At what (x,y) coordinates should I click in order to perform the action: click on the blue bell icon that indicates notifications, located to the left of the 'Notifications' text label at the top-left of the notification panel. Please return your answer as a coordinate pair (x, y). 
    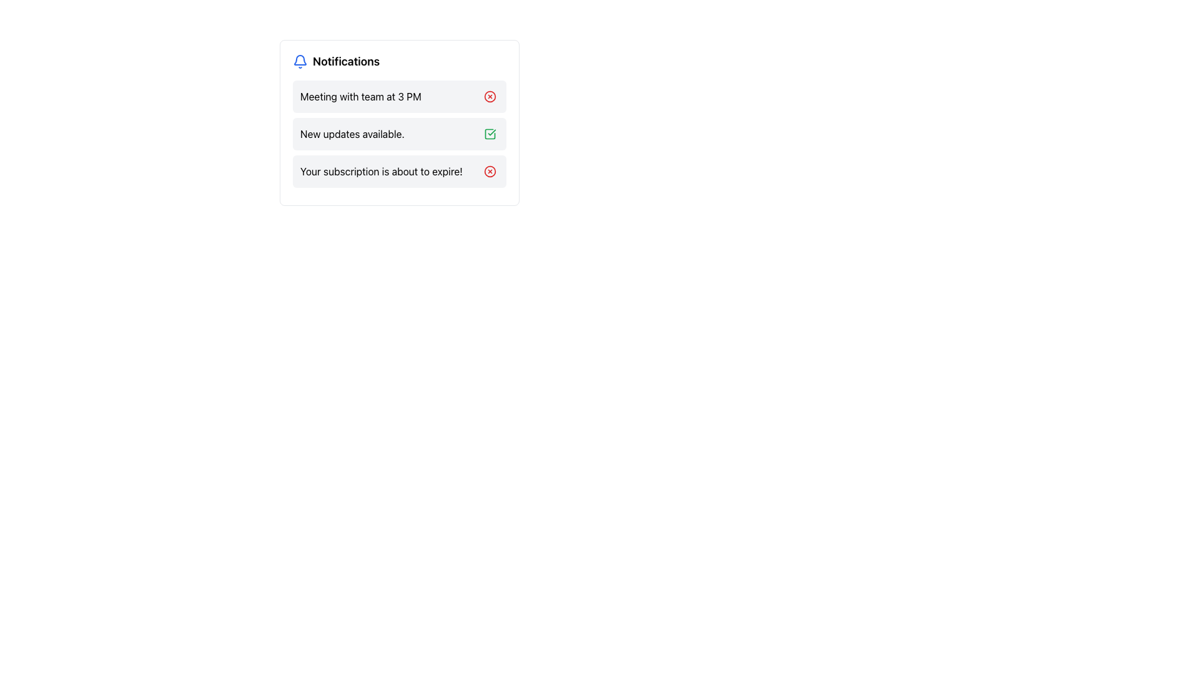
    Looking at the image, I should click on (300, 62).